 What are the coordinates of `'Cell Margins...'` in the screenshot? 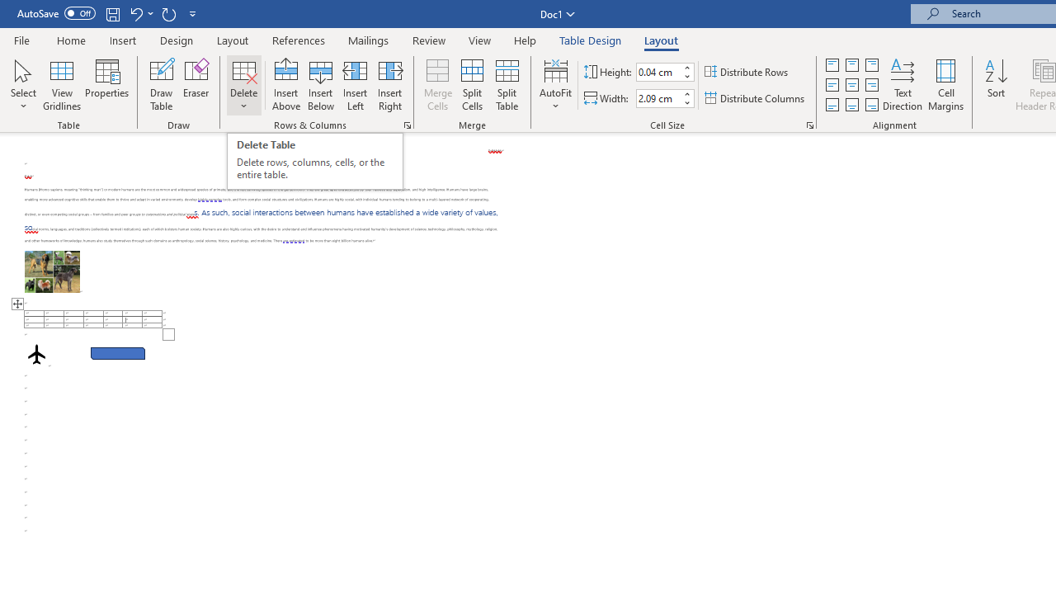 It's located at (945, 85).